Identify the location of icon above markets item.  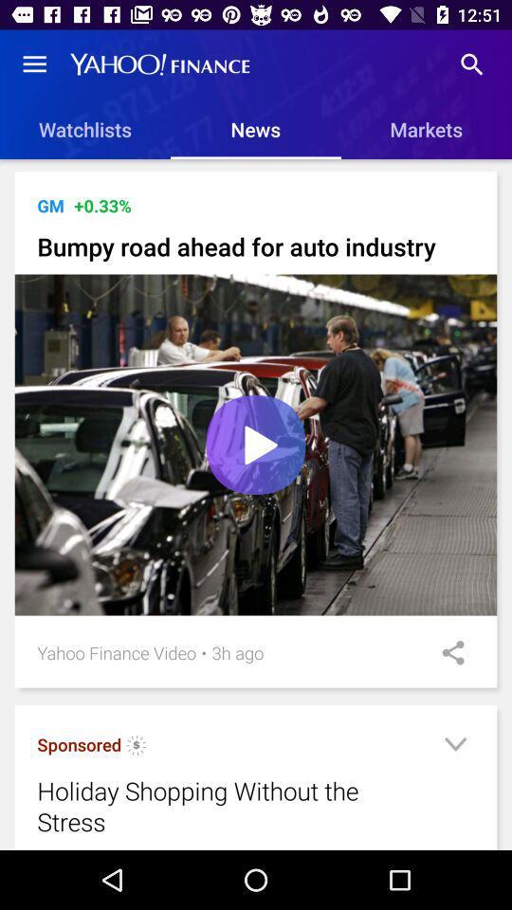
(470, 64).